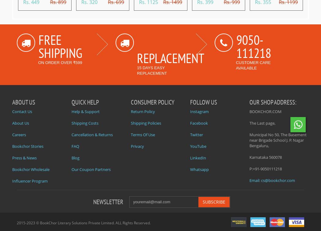 This screenshot has height=231, width=321. What do you see at coordinates (152, 102) in the screenshot?
I see `'CONSUMER POLICY'` at bounding box center [152, 102].